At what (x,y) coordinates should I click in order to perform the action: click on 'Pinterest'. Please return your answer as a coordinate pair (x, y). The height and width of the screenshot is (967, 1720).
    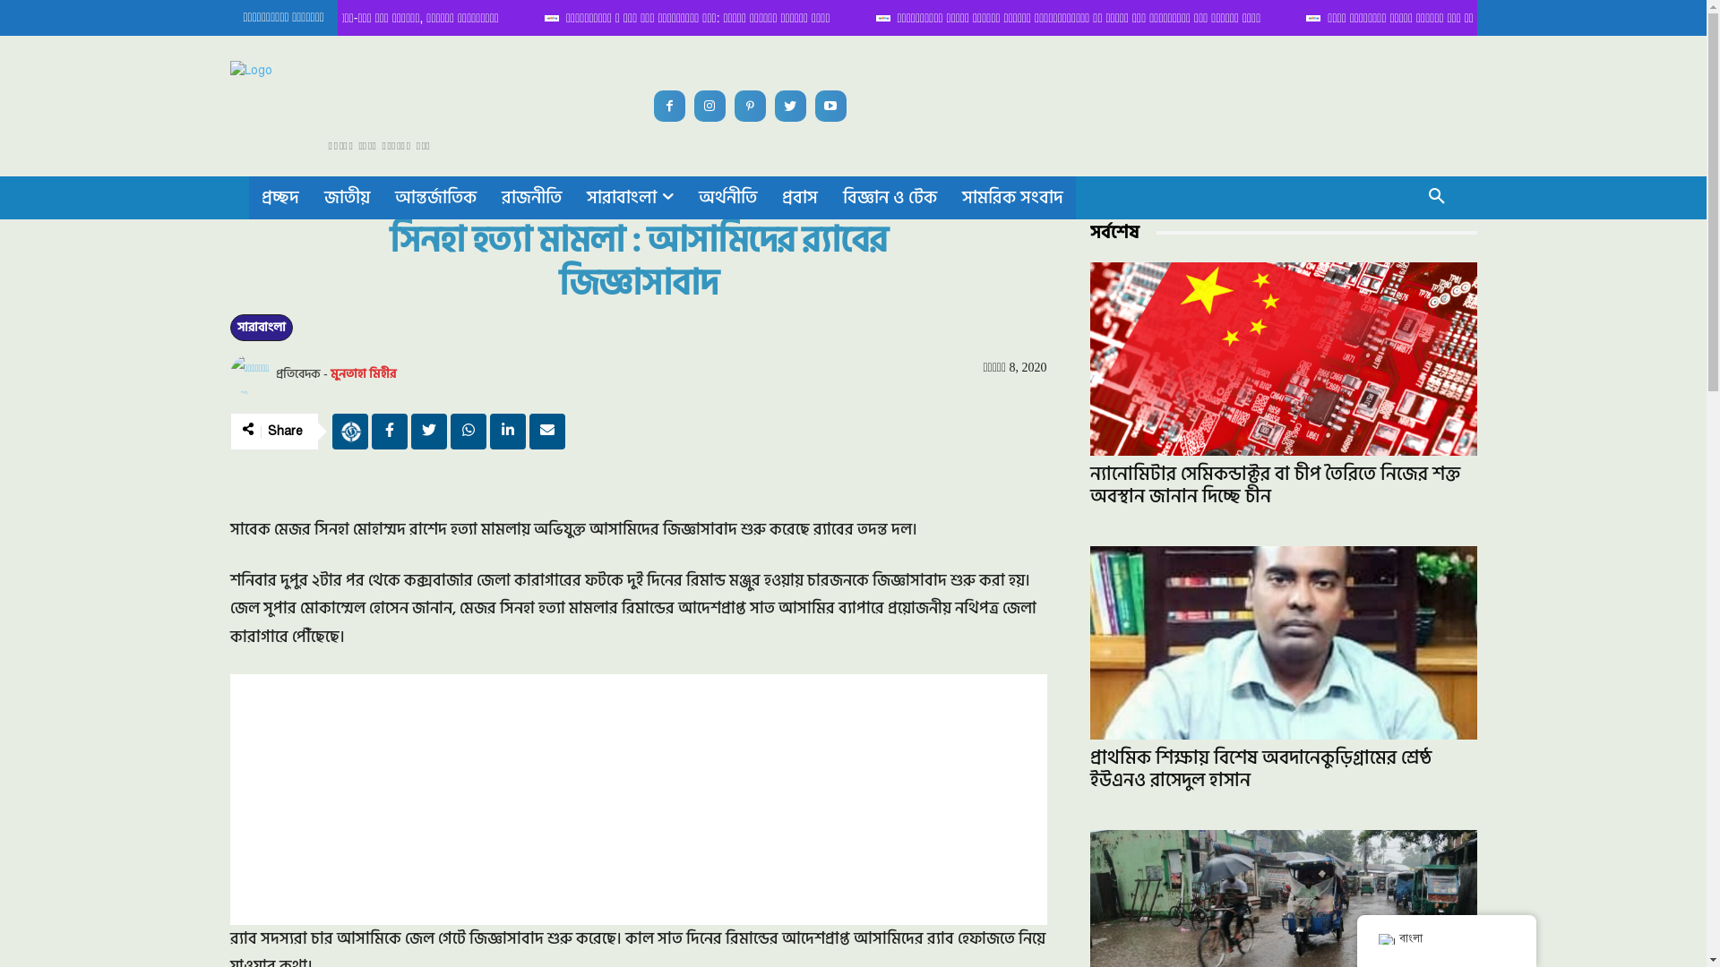
    Looking at the image, I should click on (750, 106).